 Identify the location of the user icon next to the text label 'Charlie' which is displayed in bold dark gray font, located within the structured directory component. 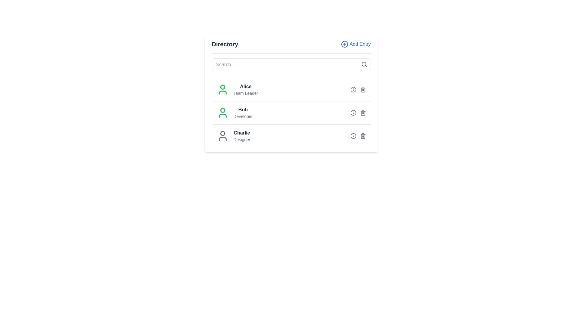
(242, 136).